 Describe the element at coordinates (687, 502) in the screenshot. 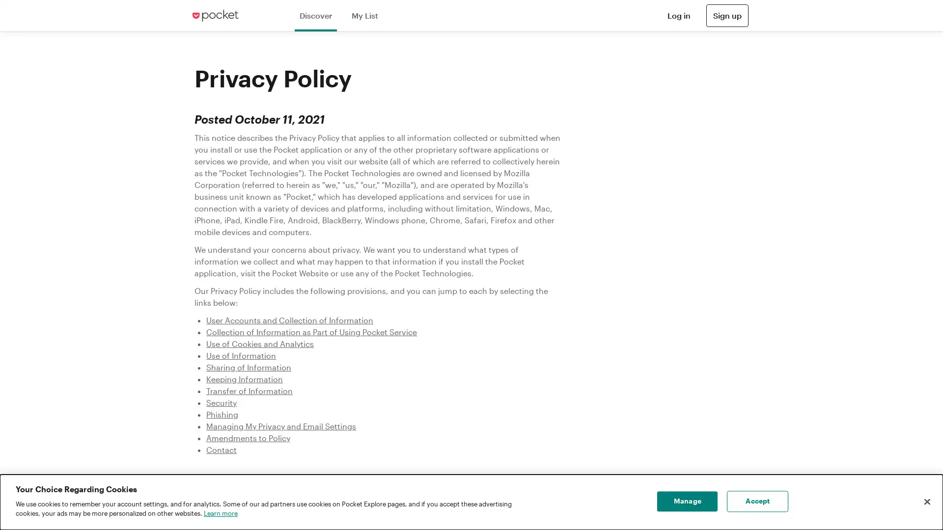

I see `Manage` at that location.